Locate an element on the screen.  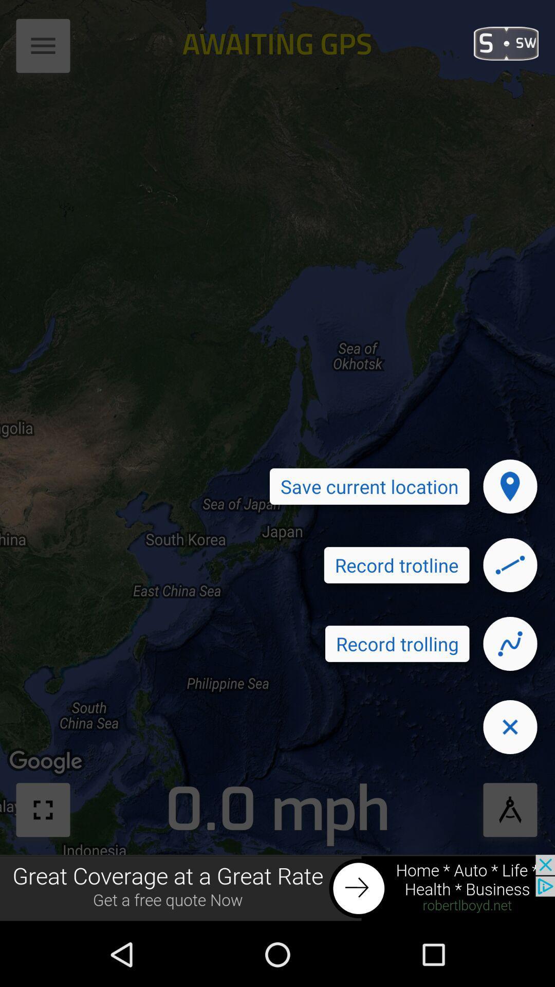
record the trotline is located at coordinates (510, 564).